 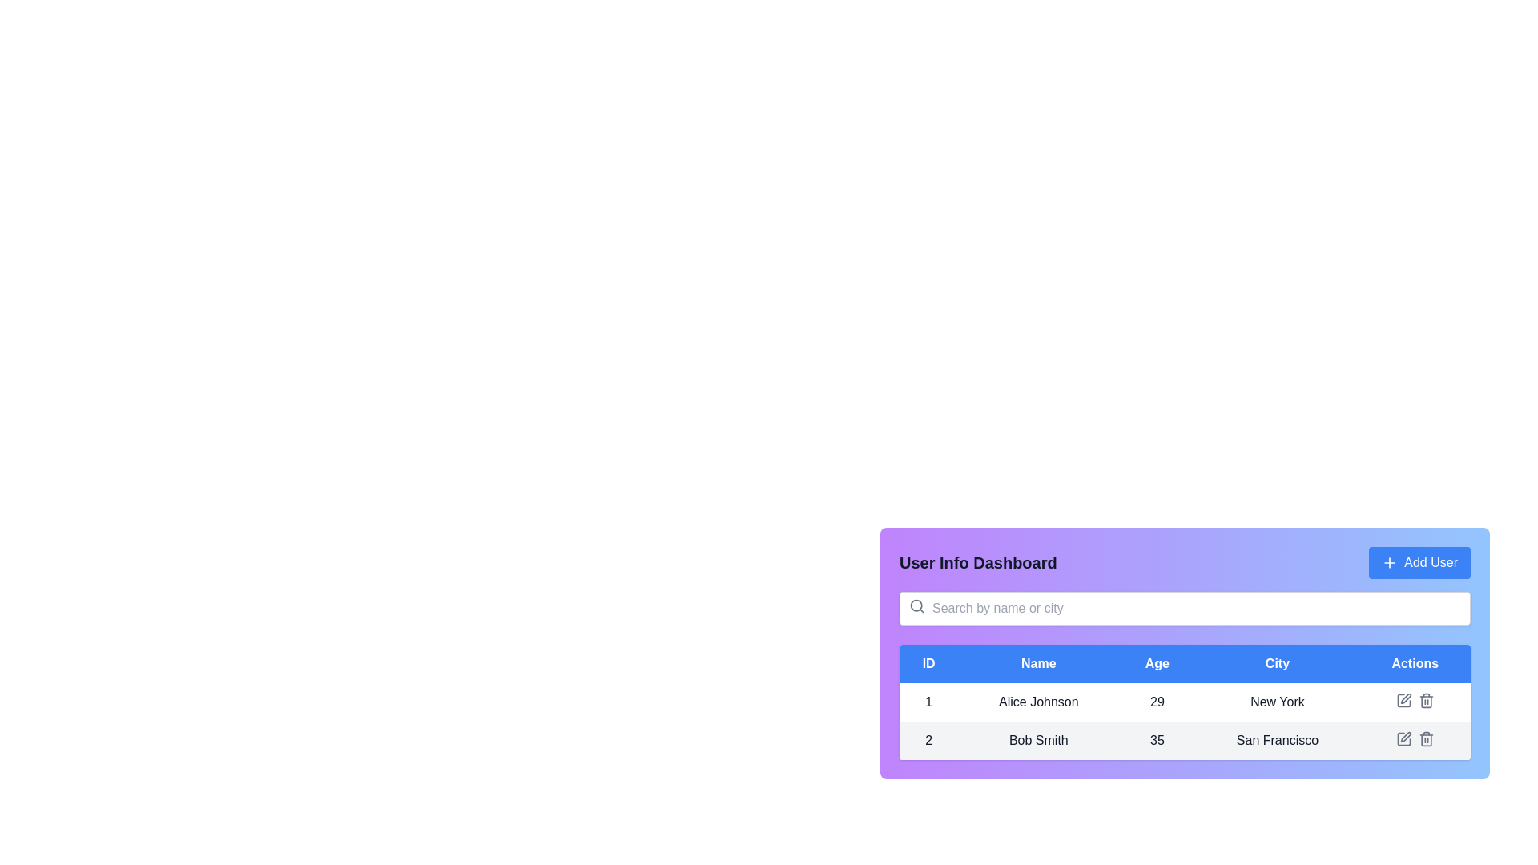 What do you see at coordinates (1389, 561) in the screenshot?
I see `the addition icon located on the right side of the 'Add User' button, which is the first graphical component before the text` at bounding box center [1389, 561].